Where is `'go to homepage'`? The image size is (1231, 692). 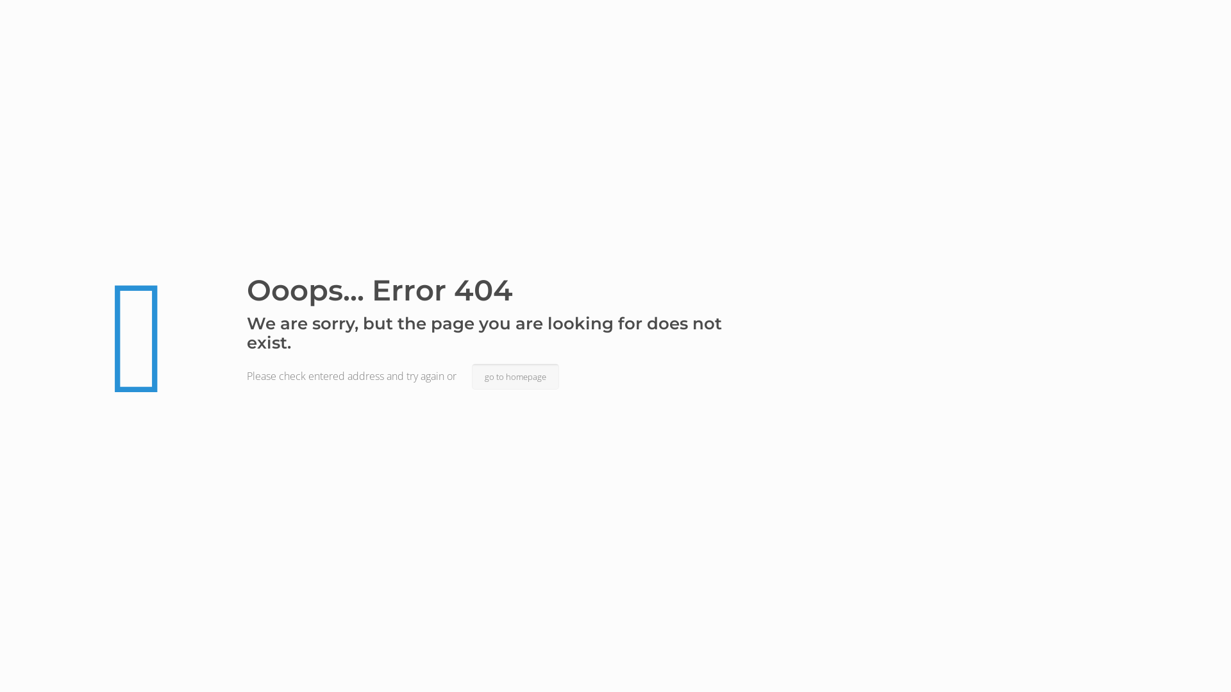 'go to homepage' is located at coordinates (471, 375).